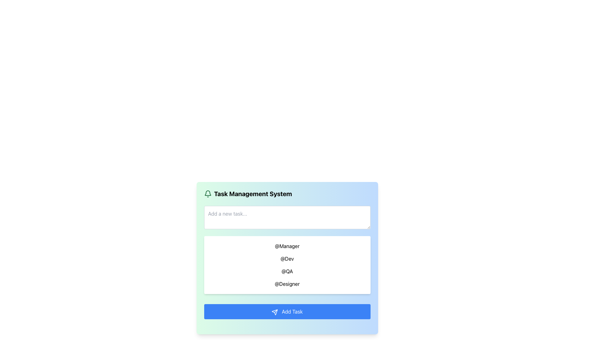 The width and height of the screenshot is (605, 340). Describe the element at coordinates (287, 246) in the screenshot. I see `the selectable list item displaying the text '@Manager'` at that location.